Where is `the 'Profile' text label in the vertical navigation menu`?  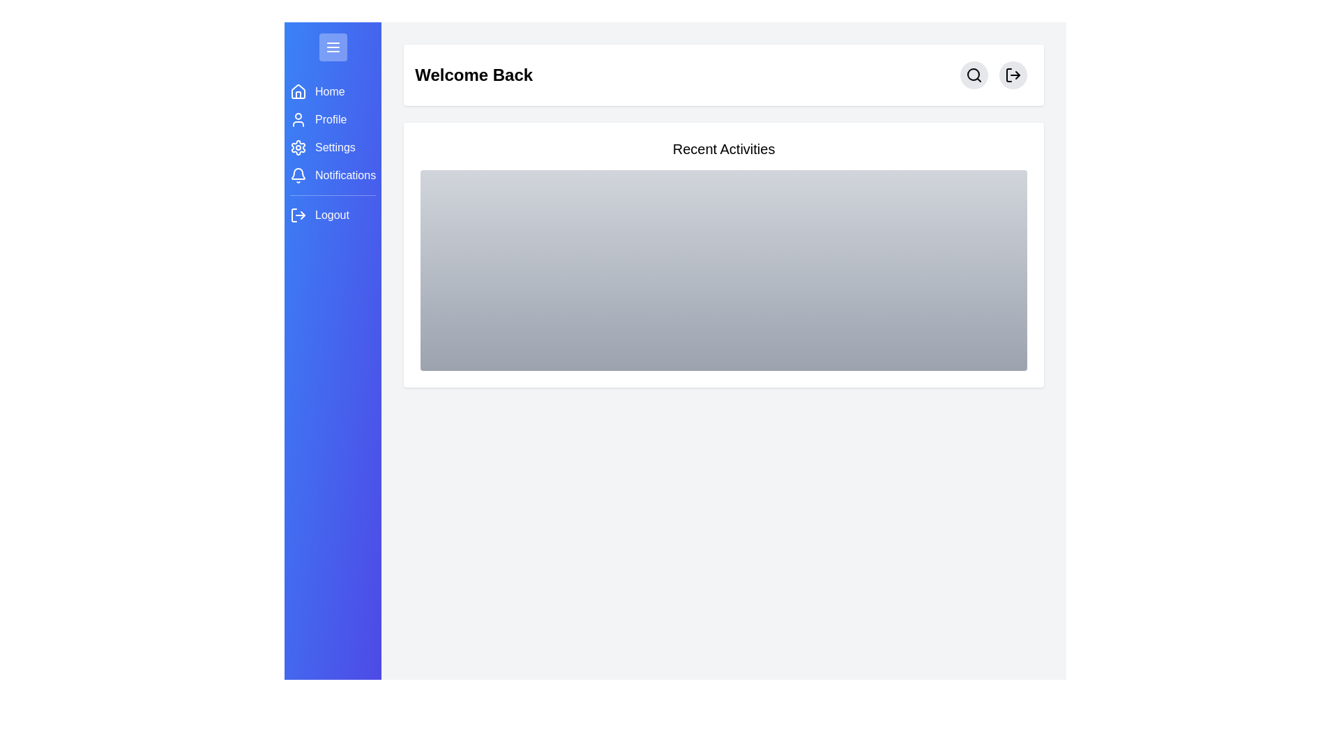
the 'Profile' text label in the vertical navigation menu is located at coordinates (330, 119).